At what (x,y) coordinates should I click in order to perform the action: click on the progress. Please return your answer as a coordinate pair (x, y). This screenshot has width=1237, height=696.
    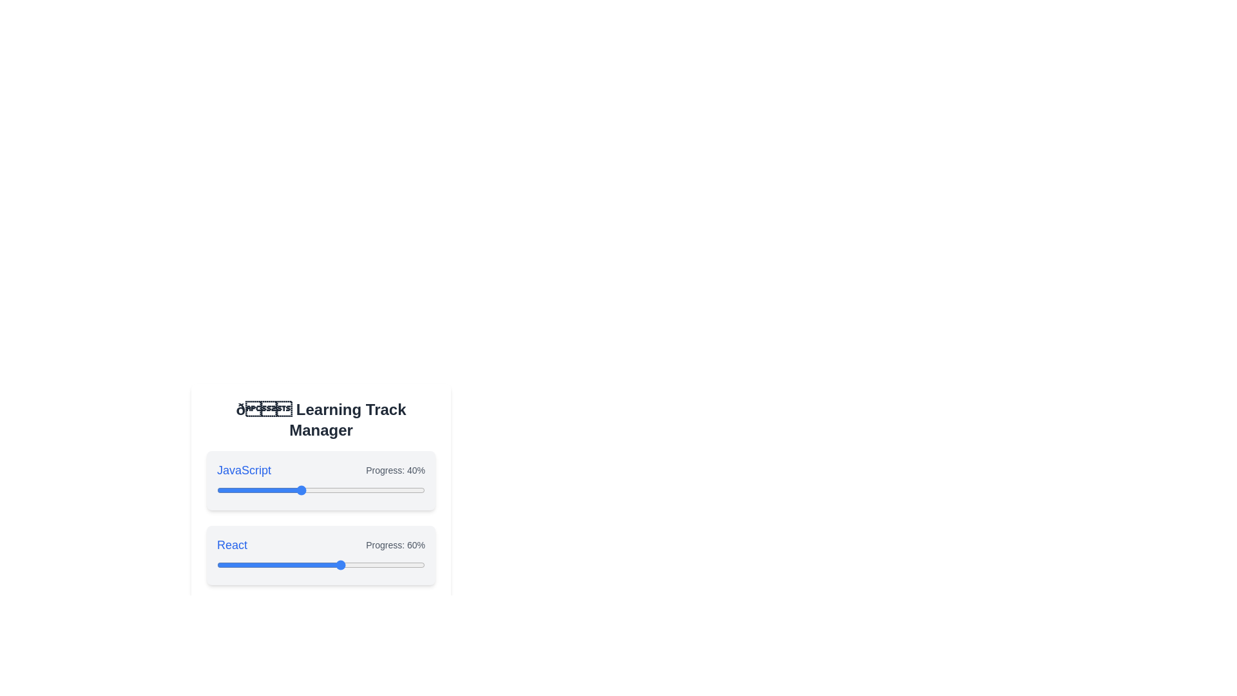
    Looking at the image, I should click on (238, 564).